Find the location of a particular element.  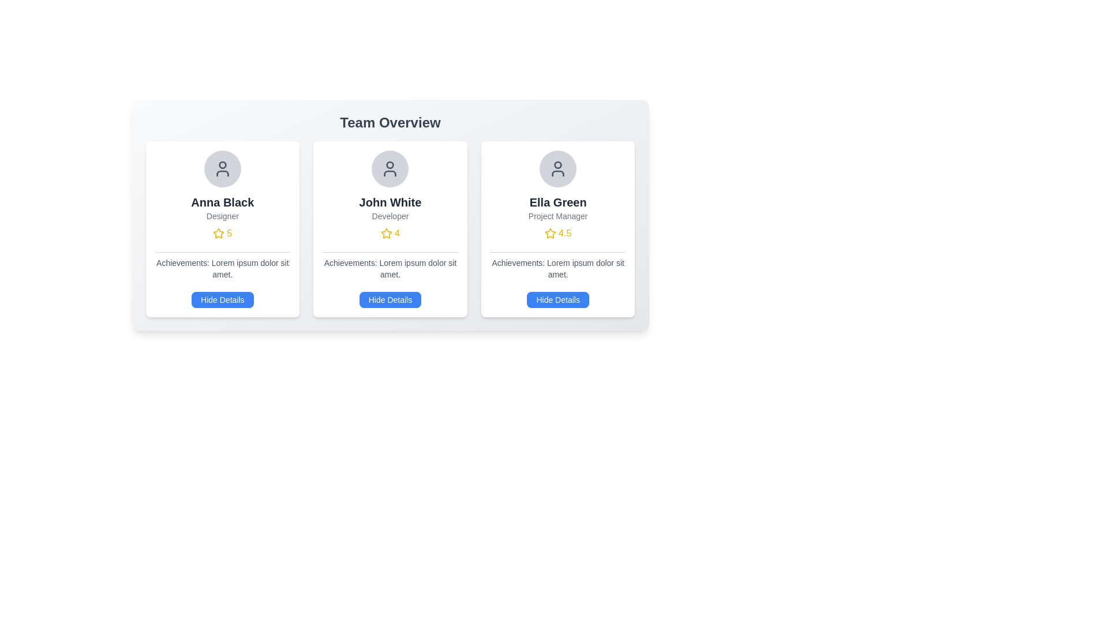

the Text Display element that shows descriptive text for achievements, located in the bottom section of the 'Ella Green' card, which is the rightmost card in a three-column layout is located at coordinates (558, 269).